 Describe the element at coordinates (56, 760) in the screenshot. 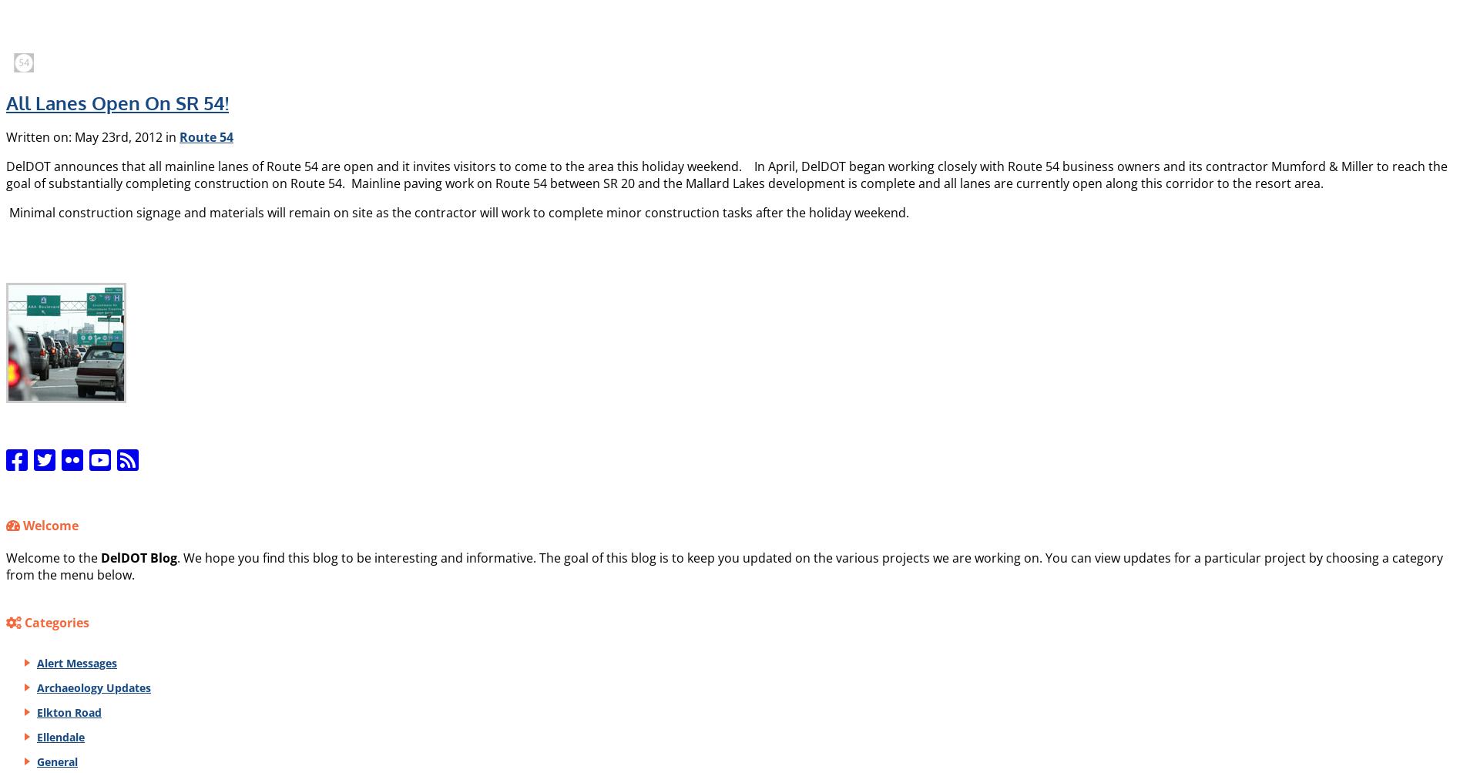

I see `'General'` at that location.